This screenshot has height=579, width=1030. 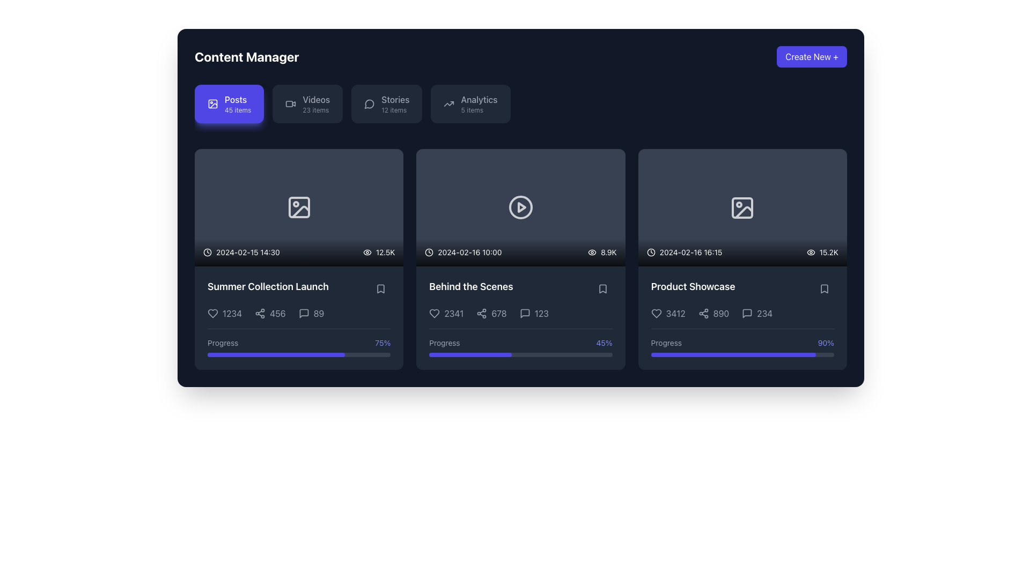 What do you see at coordinates (741, 314) in the screenshot?
I see `on the Statistics display for likes, shares, and comments, located below the 'Product Showcase' text and above the progress bar` at bounding box center [741, 314].